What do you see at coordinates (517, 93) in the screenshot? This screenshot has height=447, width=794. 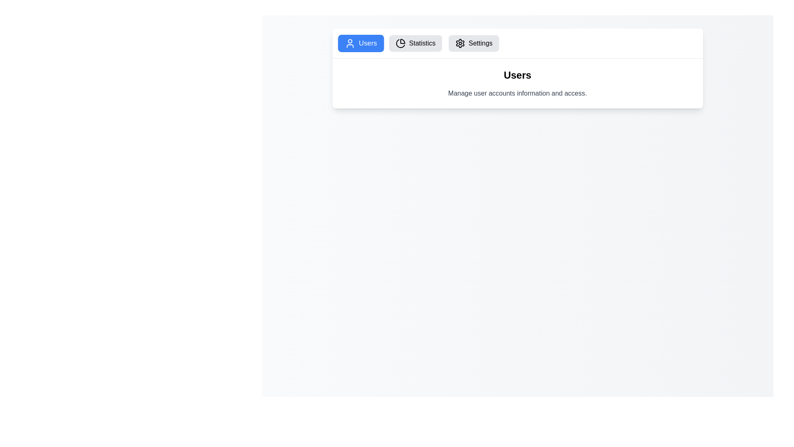 I see `the text label element that reads 'Manage user accounts information and access.', which is styled in gray and positioned below the title 'Users'` at bounding box center [517, 93].